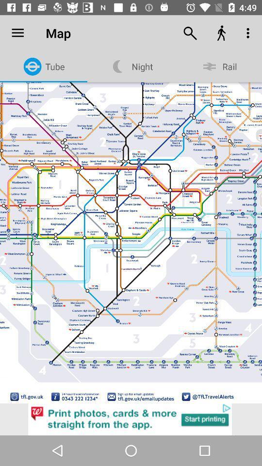  What do you see at coordinates (12, 43) in the screenshot?
I see `menu` at bounding box center [12, 43].